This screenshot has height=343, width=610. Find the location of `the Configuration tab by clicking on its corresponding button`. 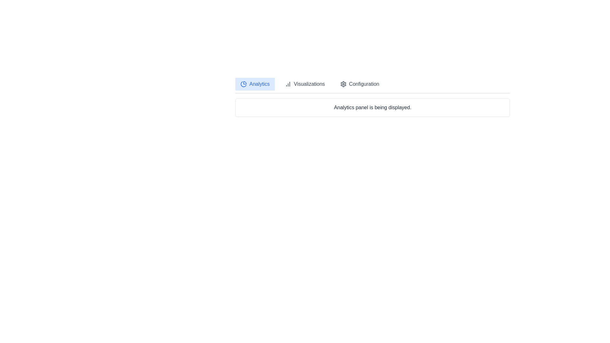

the Configuration tab by clicking on its corresponding button is located at coordinates (360, 84).